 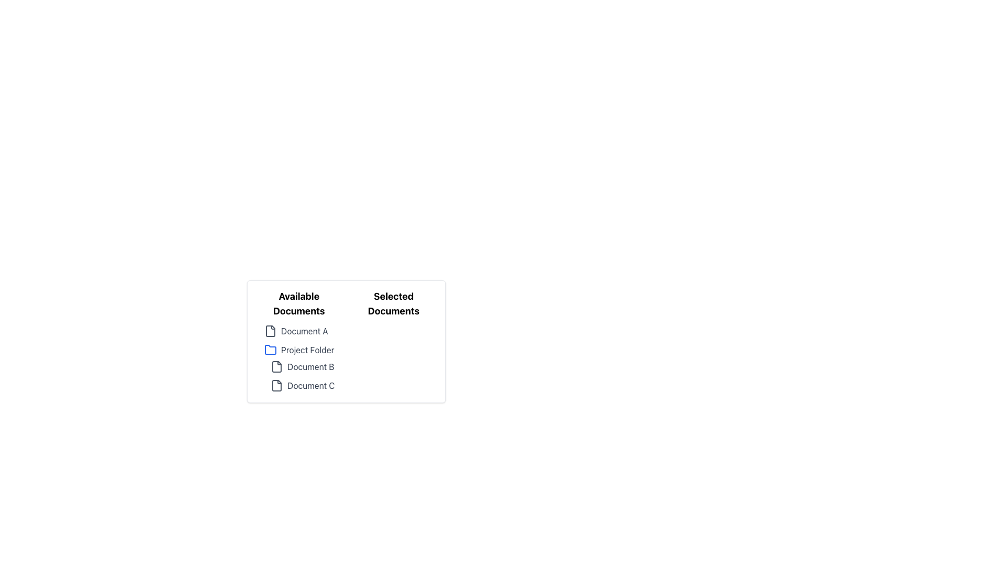 I want to click on the List Item containing the file icon and text 'Document C' from its position in the 'Available Documents' list, so click(x=305, y=386).